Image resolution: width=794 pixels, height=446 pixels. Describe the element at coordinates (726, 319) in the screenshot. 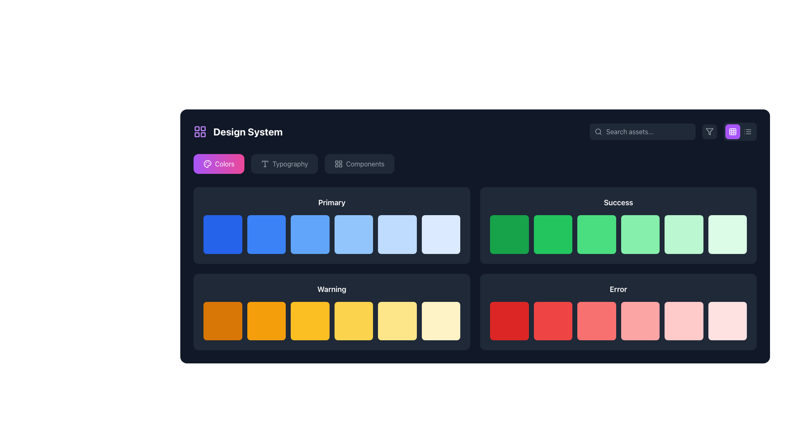

I see `the last vector graphical element in the 'Error' section of the SVG to trigger a tooltip or visual feedback` at that location.